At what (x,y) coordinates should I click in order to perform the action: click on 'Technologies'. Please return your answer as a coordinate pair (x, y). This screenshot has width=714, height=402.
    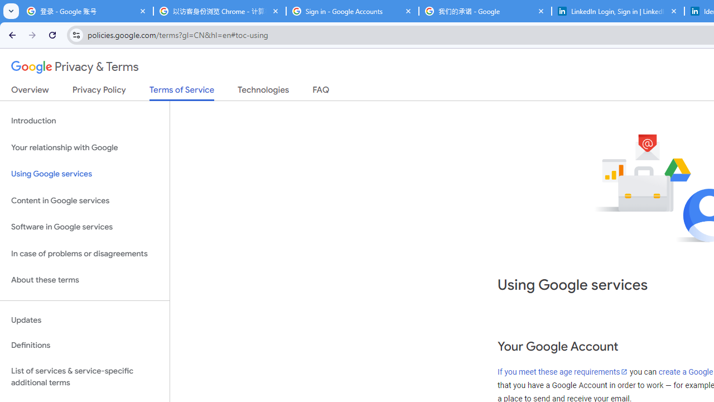
    Looking at the image, I should click on (263, 92).